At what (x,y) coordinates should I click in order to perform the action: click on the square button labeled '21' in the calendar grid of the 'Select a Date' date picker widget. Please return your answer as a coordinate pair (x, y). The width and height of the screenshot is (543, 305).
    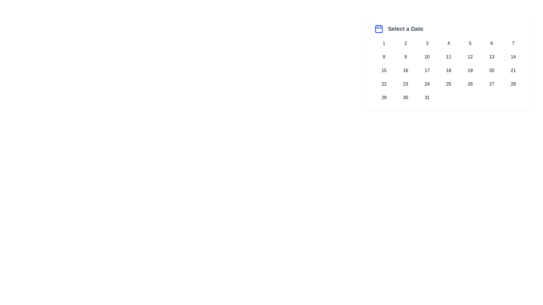
    Looking at the image, I should click on (513, 70).